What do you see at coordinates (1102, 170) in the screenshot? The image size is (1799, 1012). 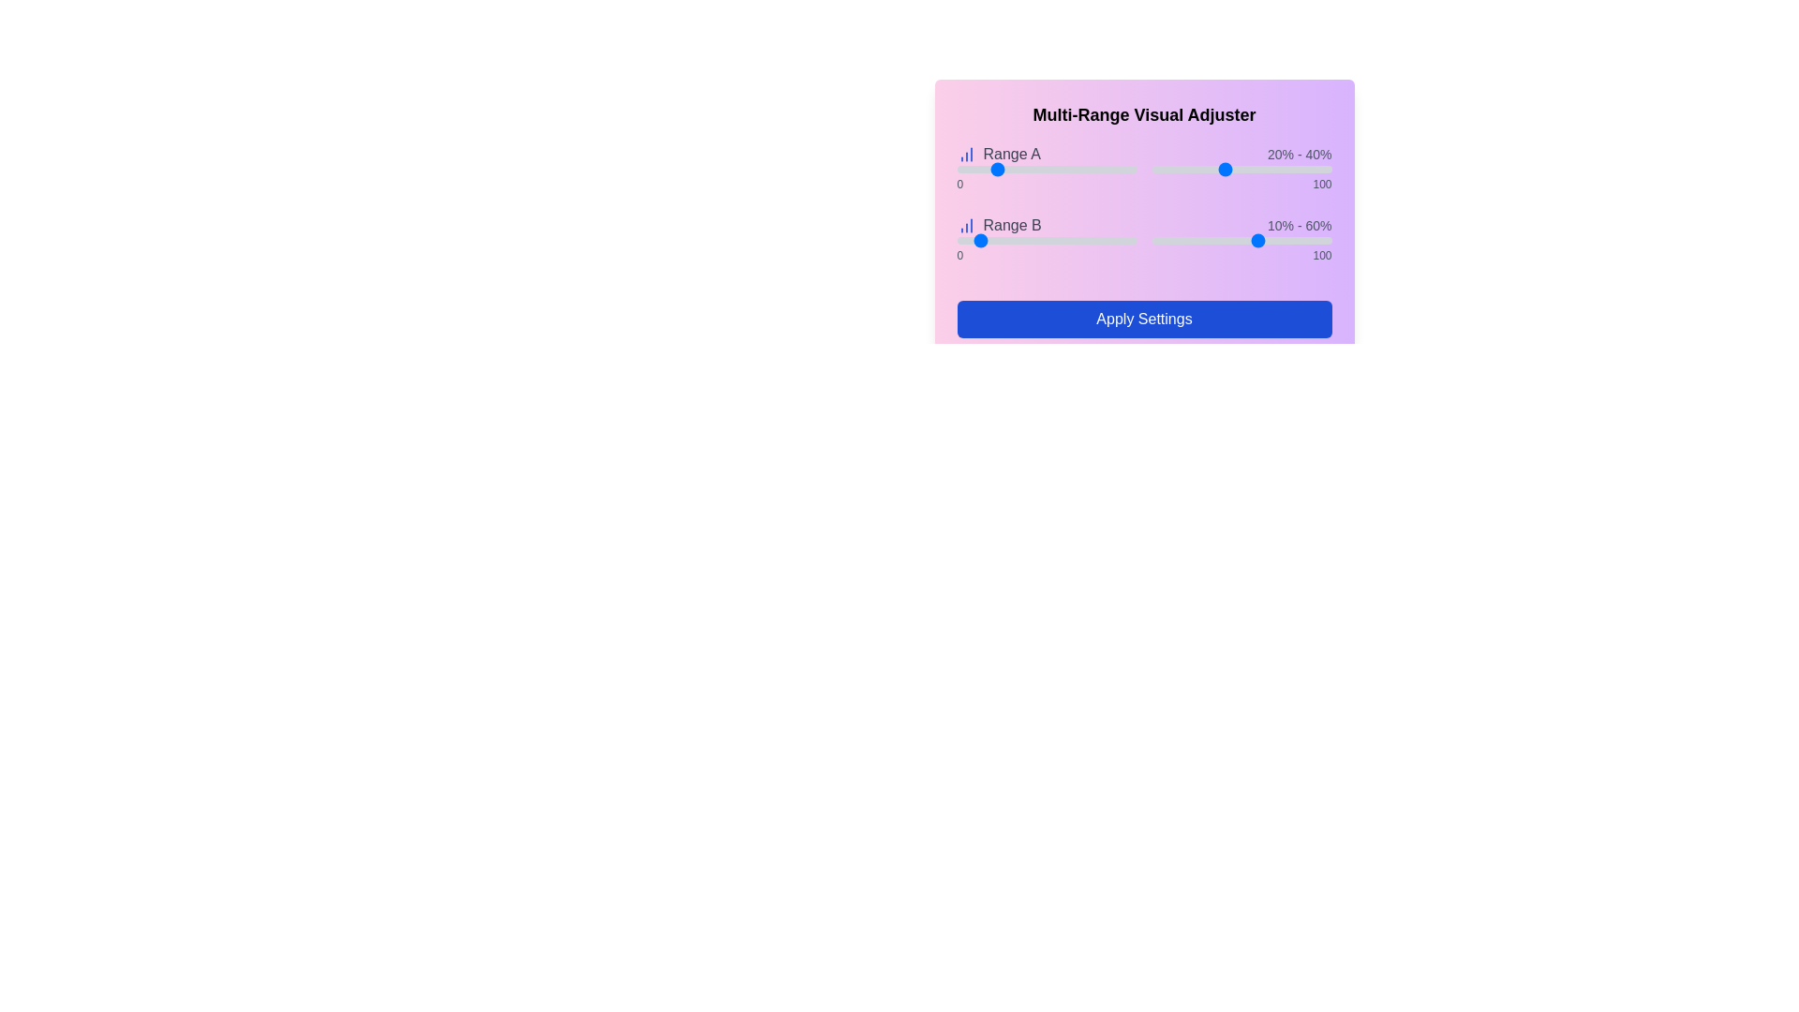 I see `the slider` at bounding box center [1102, 170].